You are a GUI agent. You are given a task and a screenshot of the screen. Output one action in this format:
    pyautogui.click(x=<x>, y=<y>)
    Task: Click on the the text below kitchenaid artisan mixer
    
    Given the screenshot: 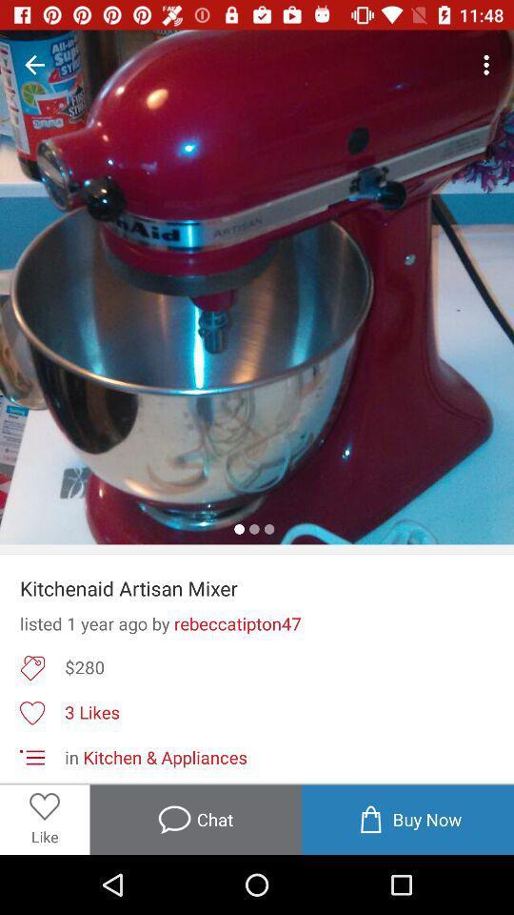 What is the action you would take?
    pyautogui.click(x=257, y=622)
    